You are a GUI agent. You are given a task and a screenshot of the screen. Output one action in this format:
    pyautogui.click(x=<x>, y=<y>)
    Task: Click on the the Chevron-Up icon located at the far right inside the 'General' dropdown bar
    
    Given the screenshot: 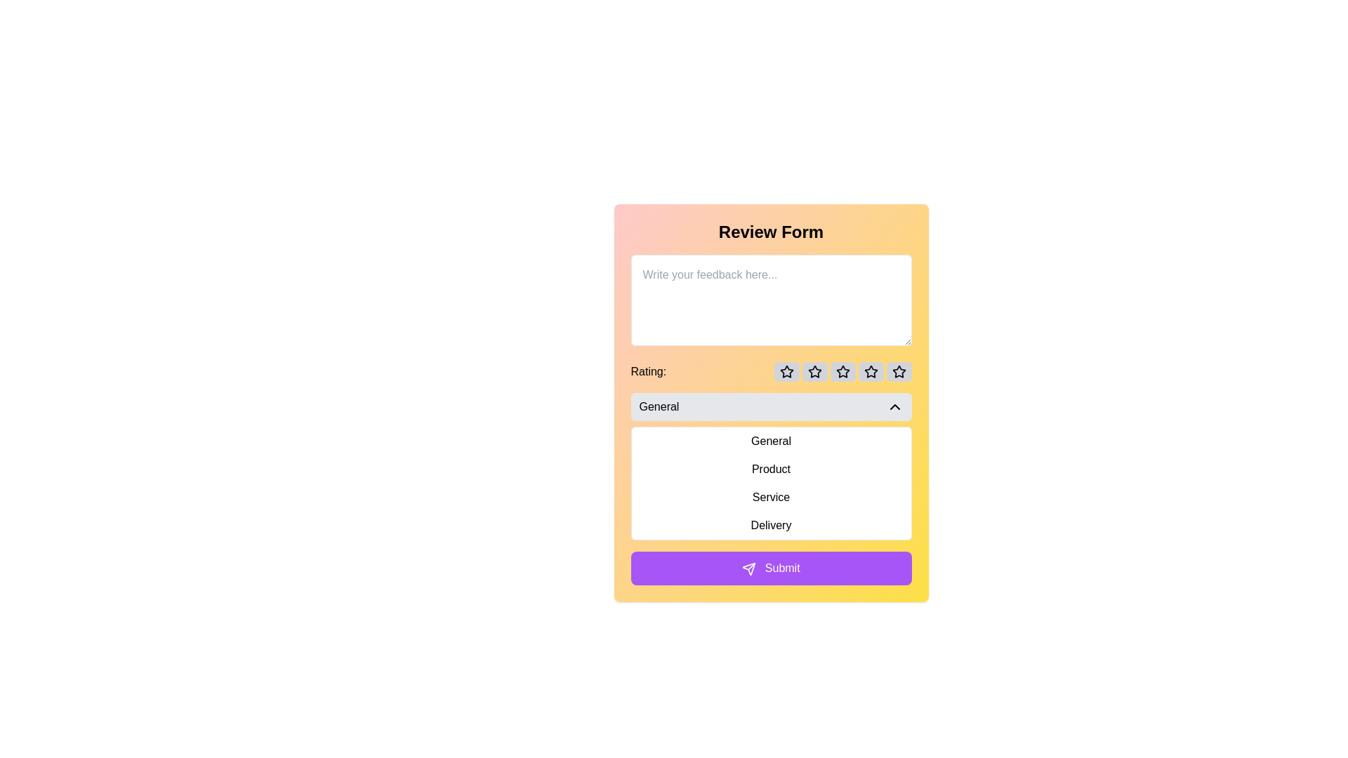 What is the action you would take?
    pyautogui.click(x=894, y=406)
    